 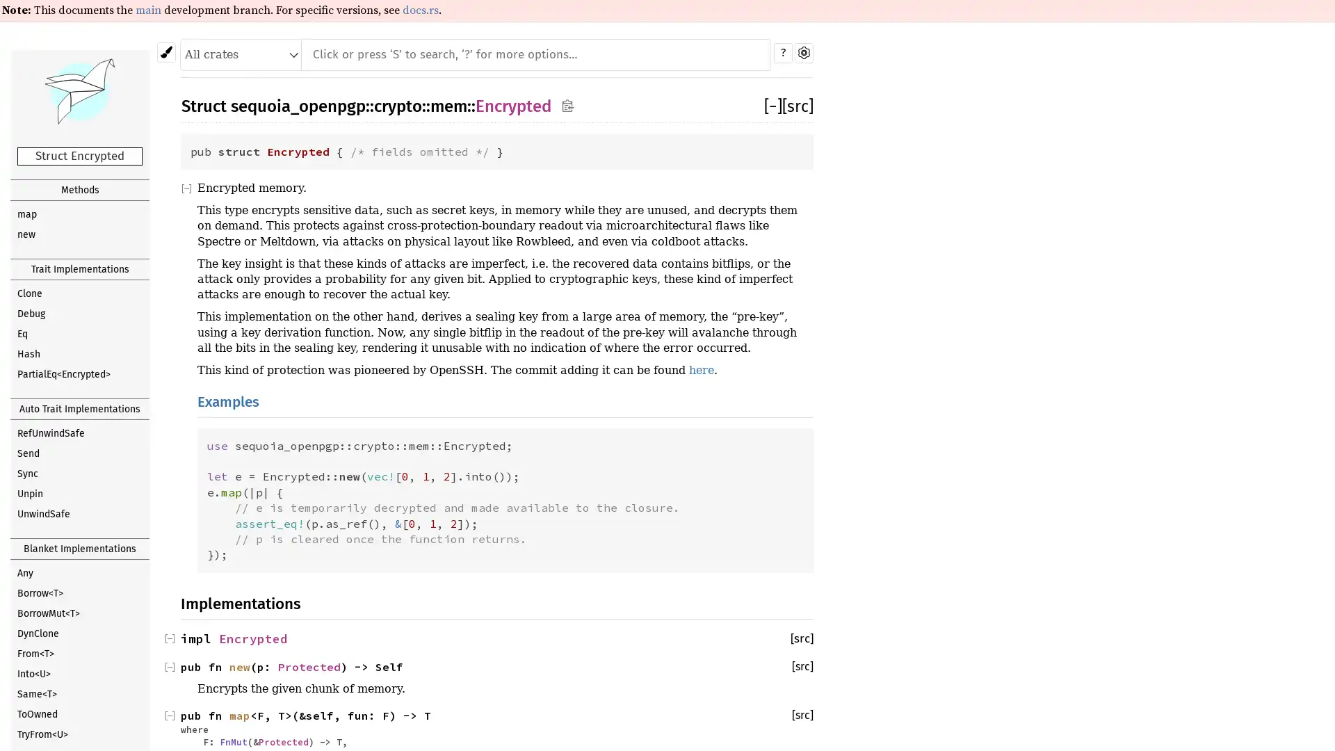 What do you see at coordinates (567, 106) in the screenshot?
I see `Copy item path` at bounding box center [567, 106].